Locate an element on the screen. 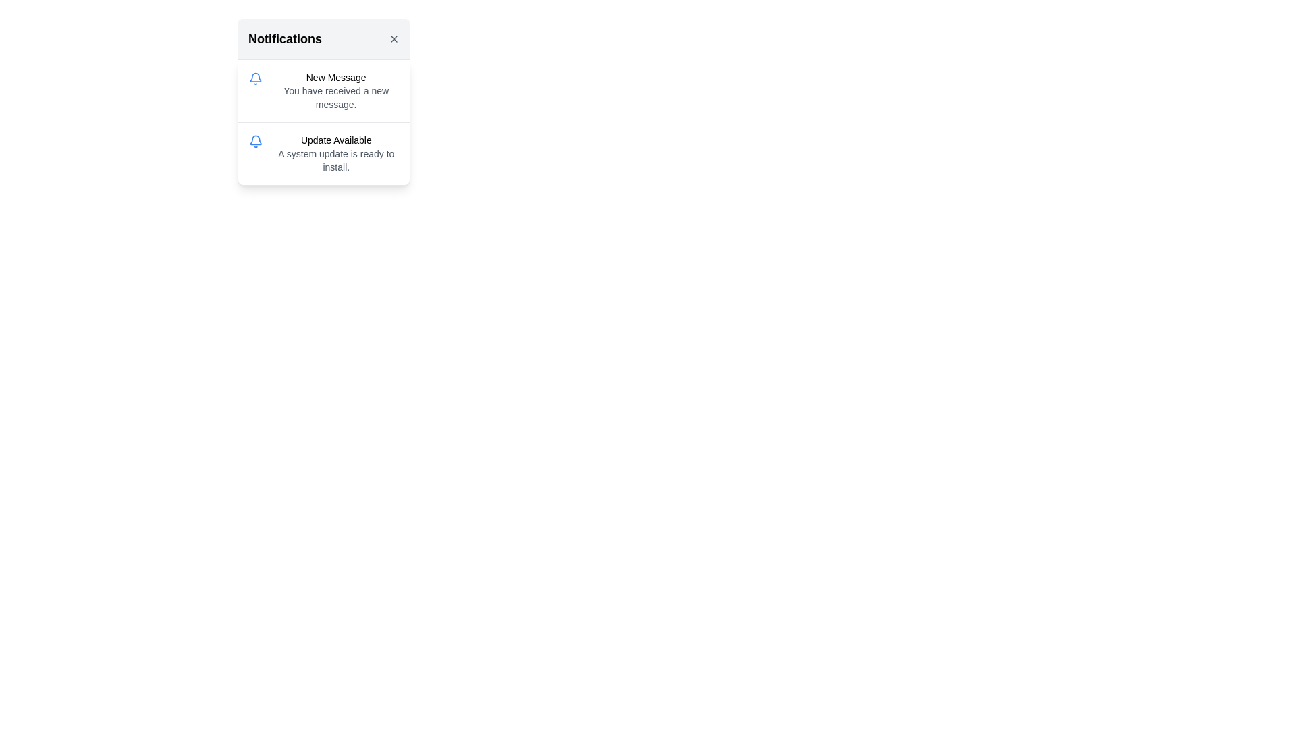  the Notification icon (bell icon) located in the top-left corner of the last notification entry, which indicates an alert for 'Update Available' is located at coordinates (256, 141).